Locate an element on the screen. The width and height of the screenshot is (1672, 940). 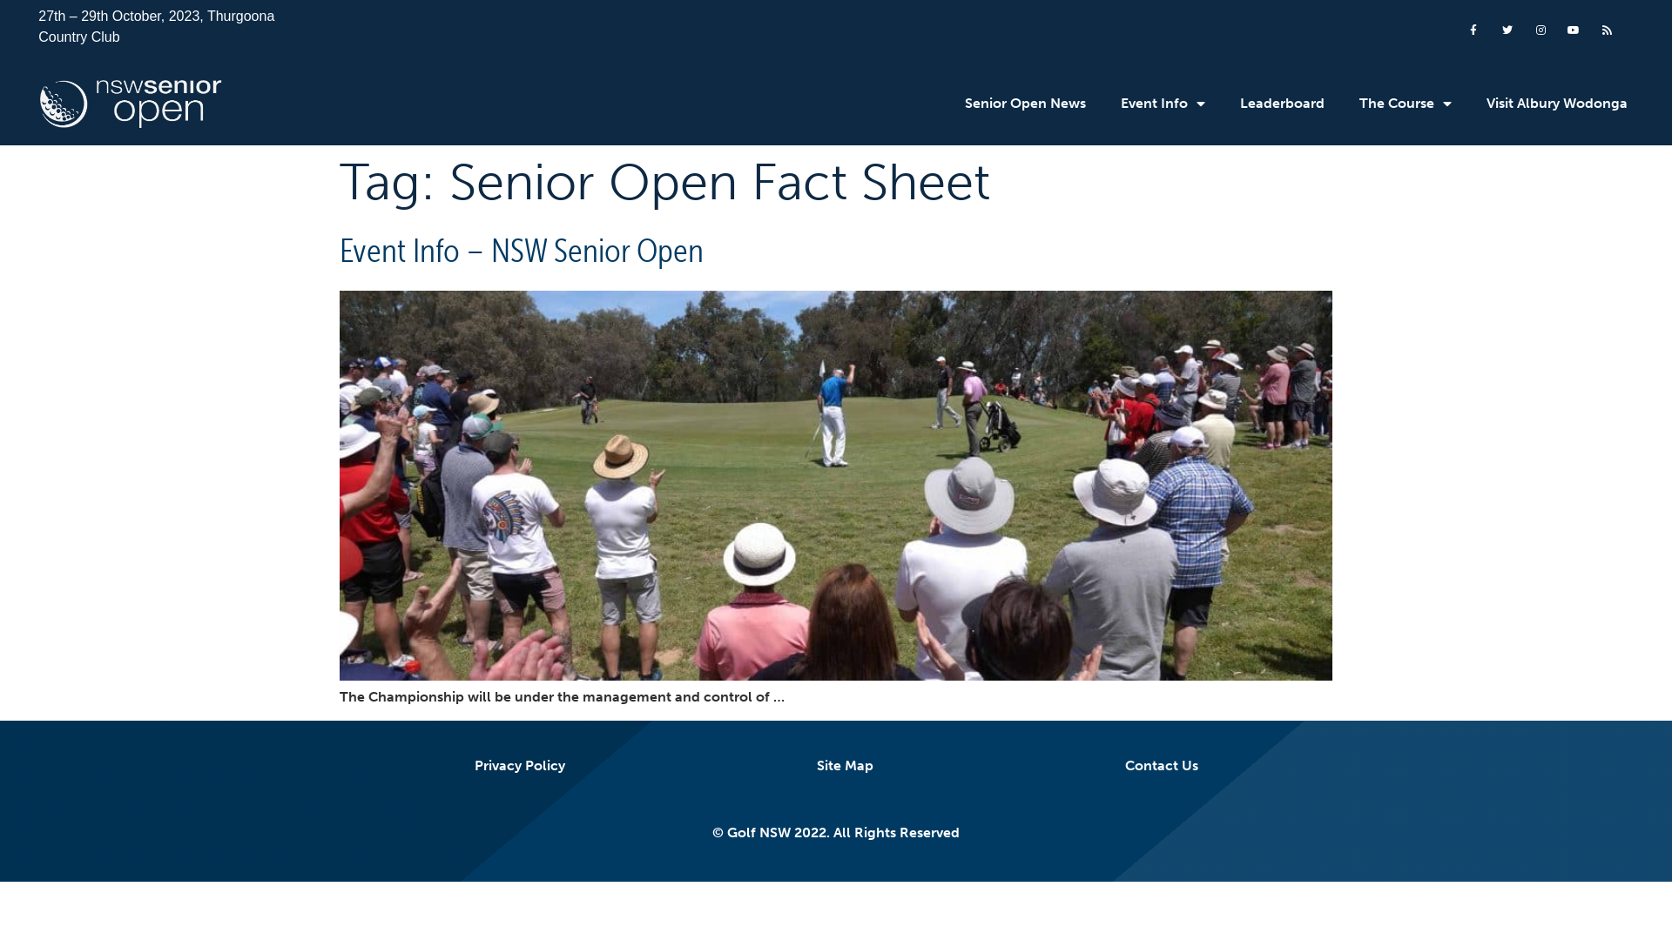
'Contact Us' is located at coordinates (1161, 764).